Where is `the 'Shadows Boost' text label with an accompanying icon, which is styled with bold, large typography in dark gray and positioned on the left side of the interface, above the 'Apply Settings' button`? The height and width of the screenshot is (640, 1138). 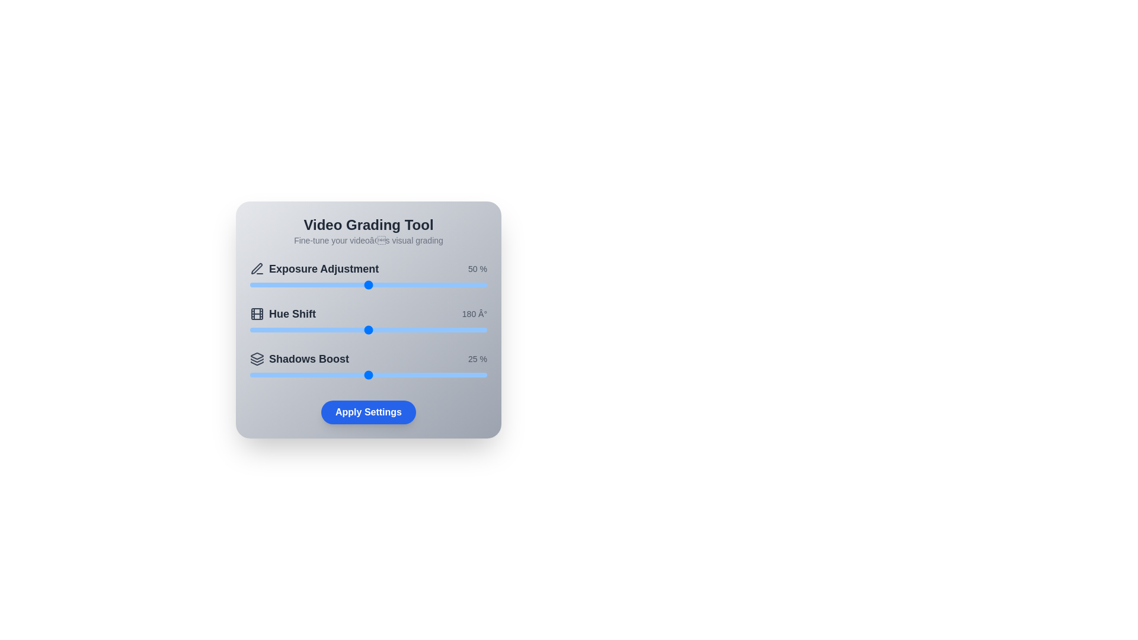
the 'Shadows Boost' text label with an accompanying icon, which is styled with bold, large typography in dark gray and positioned on the left side of the interface, above the 'Apply Settings' button is located at coordinates (299, 358).